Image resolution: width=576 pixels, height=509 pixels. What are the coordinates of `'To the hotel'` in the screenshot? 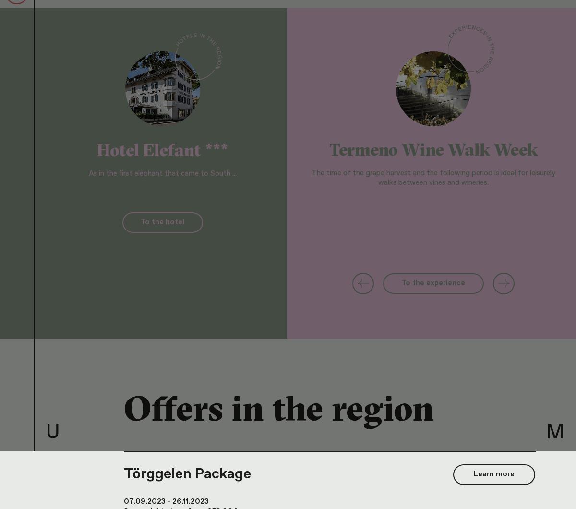 It's located at (162, 222).